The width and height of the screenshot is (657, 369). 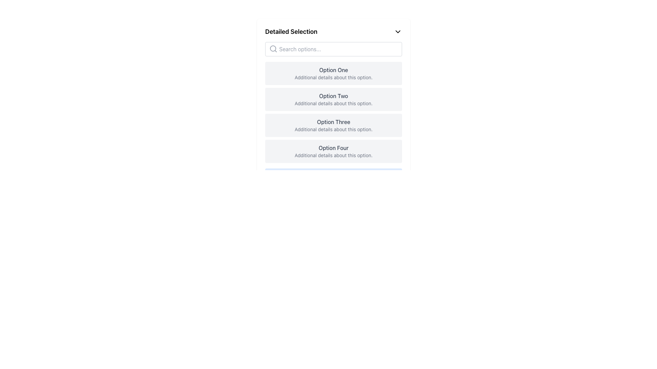 What do you see at coordinates (273, 48) in the screenshot?
I see `the magnifying glass icon located at the top-left corner inside the search bar of the 'Detailed Selection' section, which is the first interactive component under its title` at bounding box center [273, 48].